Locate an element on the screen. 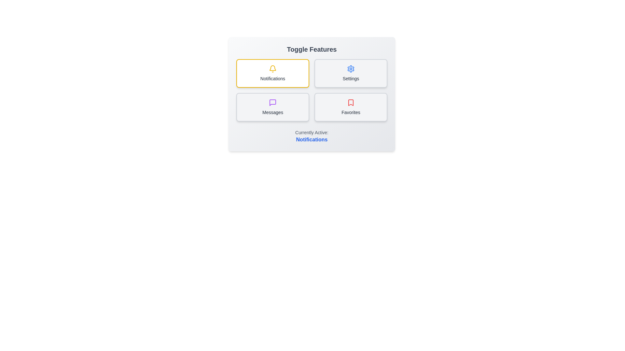 This screenshot has width=625, height=351. the toggle option Notifications by clicking on its corresponding button is located at coordinates (273, 73).